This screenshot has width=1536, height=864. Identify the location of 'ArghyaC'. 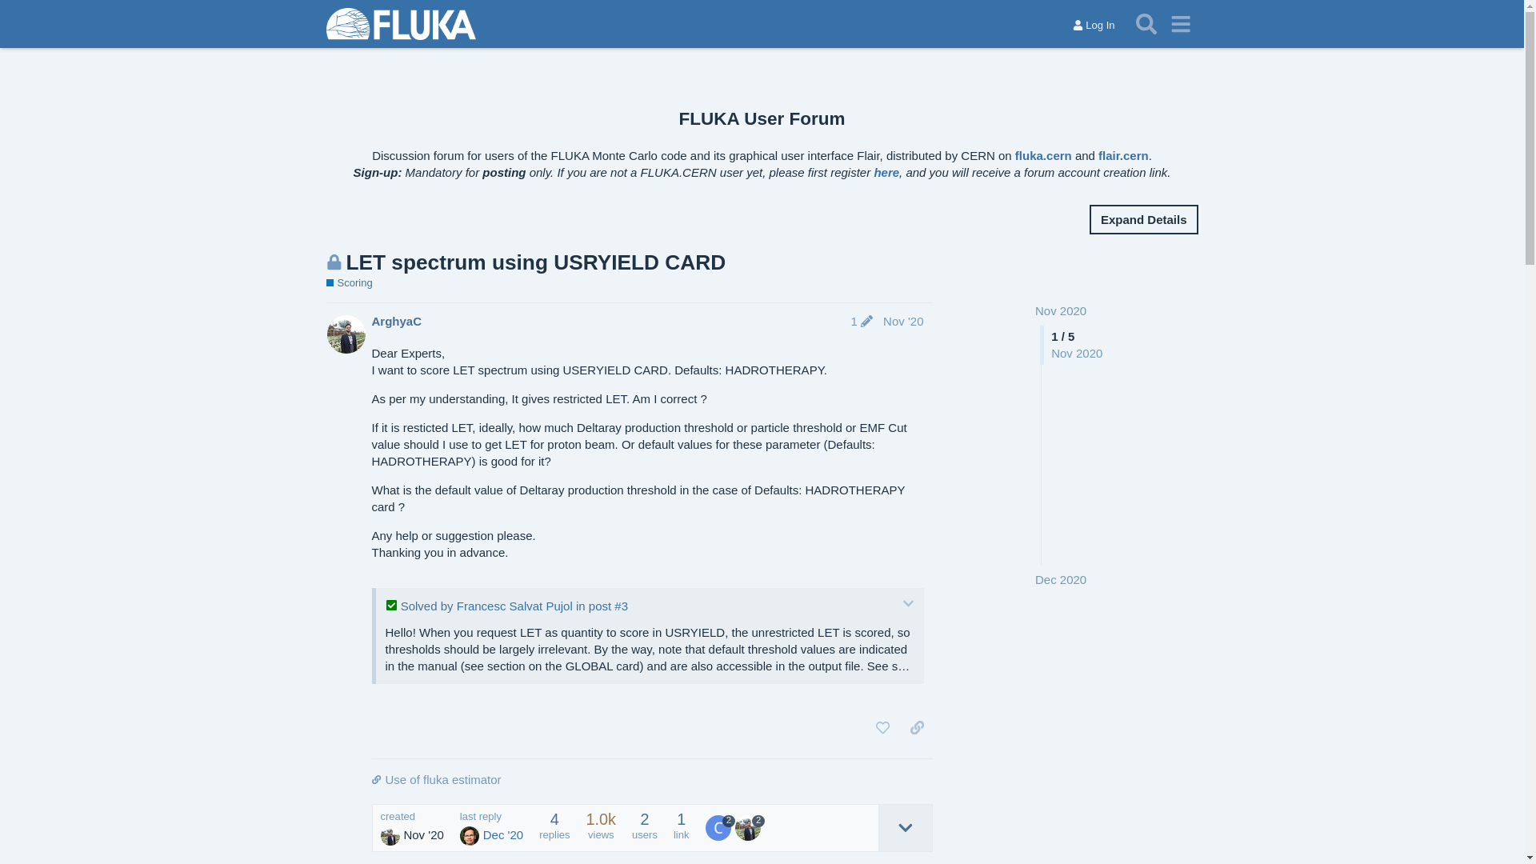
(747, 827).